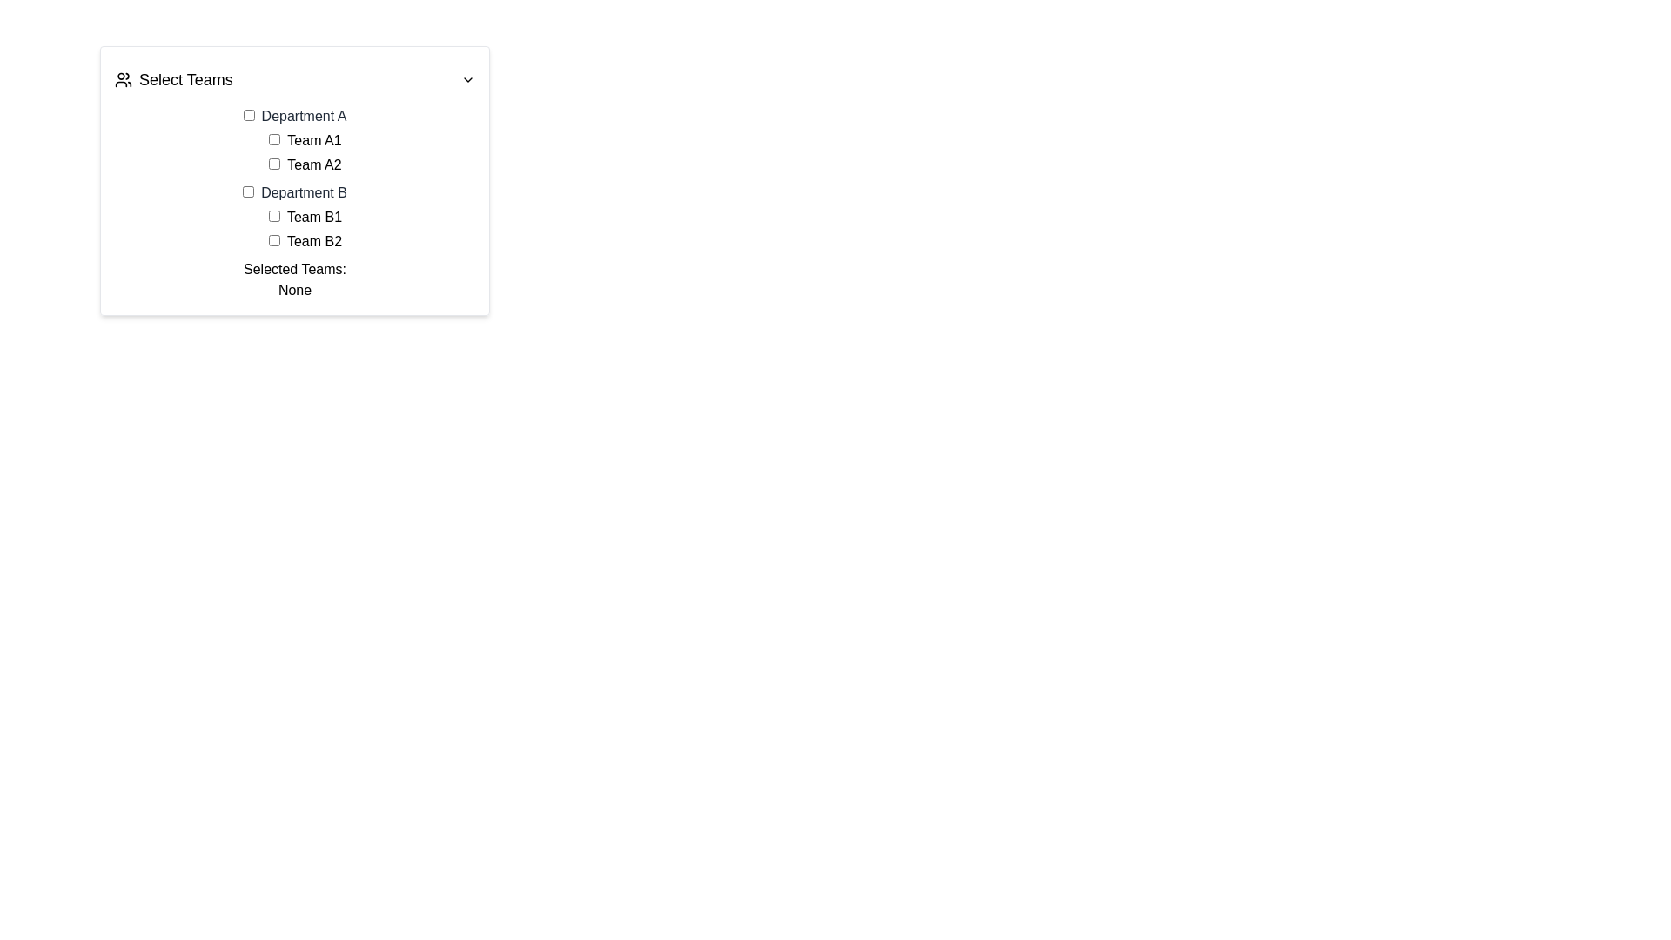  I want to click on the text of the Dropdown Header labeled 'Select Teams', which is located at the topmost position within a bordered box component, so click(295, 80).